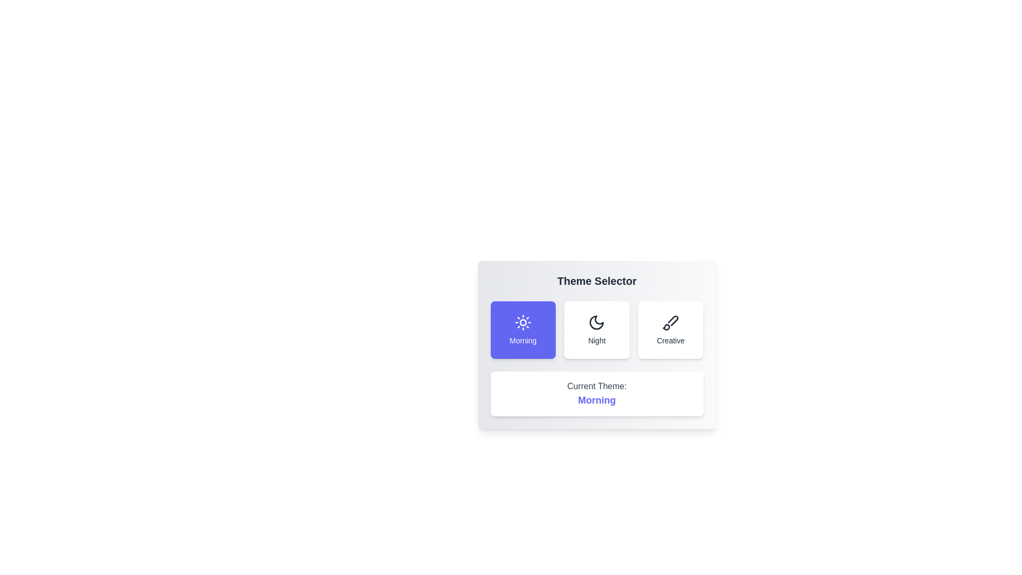  Describe the element at coordinates (523, 330) in the screenshot. I see `the theme Morning by clicking on its button` at that location.